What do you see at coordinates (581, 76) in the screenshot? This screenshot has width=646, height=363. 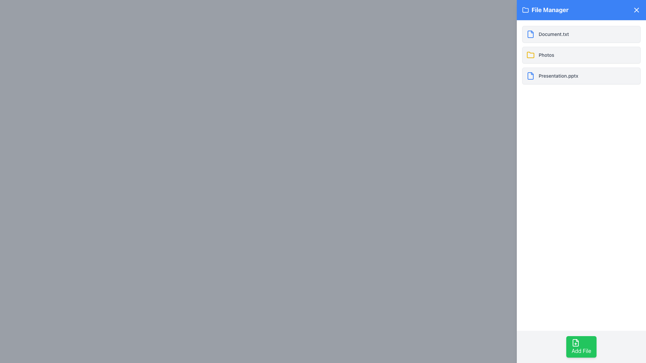 I see `the file entry item labeled 'Presentation.pptx'` at bounding box center [581, 76].